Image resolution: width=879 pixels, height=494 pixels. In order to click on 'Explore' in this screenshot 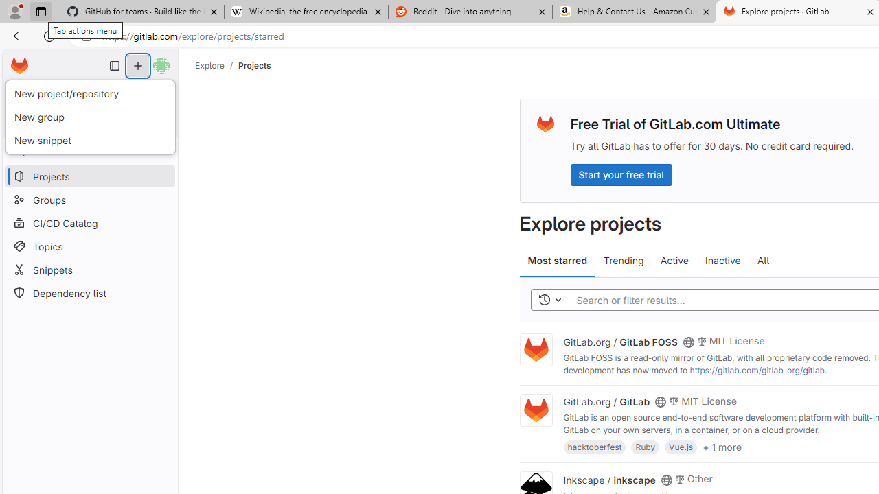, I will do `click(209, 65)`.